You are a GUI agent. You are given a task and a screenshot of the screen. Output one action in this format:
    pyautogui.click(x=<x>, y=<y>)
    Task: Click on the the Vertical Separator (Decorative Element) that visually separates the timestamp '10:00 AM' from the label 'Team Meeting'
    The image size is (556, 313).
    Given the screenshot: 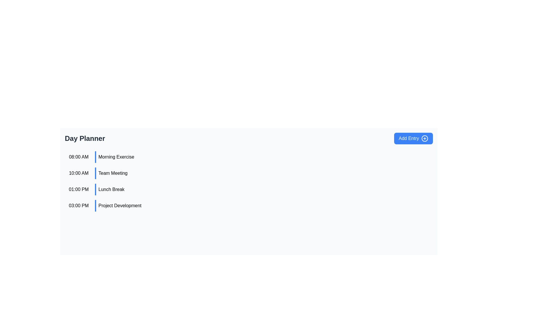 What is the action you would take?
    pyautogui.click(x=96, y=173)
    